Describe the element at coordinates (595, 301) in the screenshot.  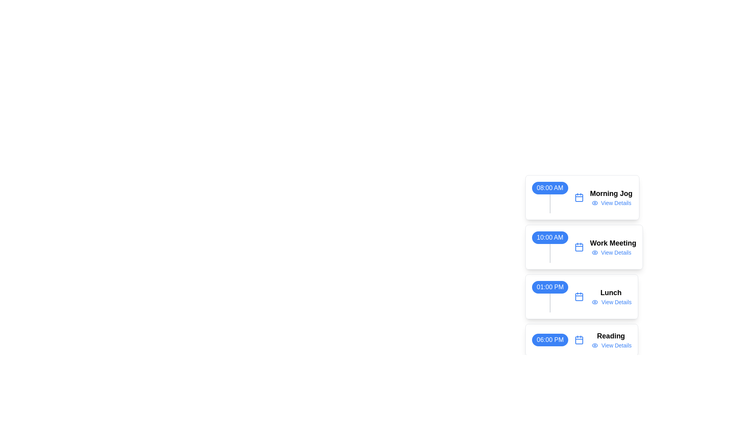
I see `the eye icon indicating the viewable state next to the 'View Details' text of the 'Morning Jog' event at 08:00 AM` at that location.